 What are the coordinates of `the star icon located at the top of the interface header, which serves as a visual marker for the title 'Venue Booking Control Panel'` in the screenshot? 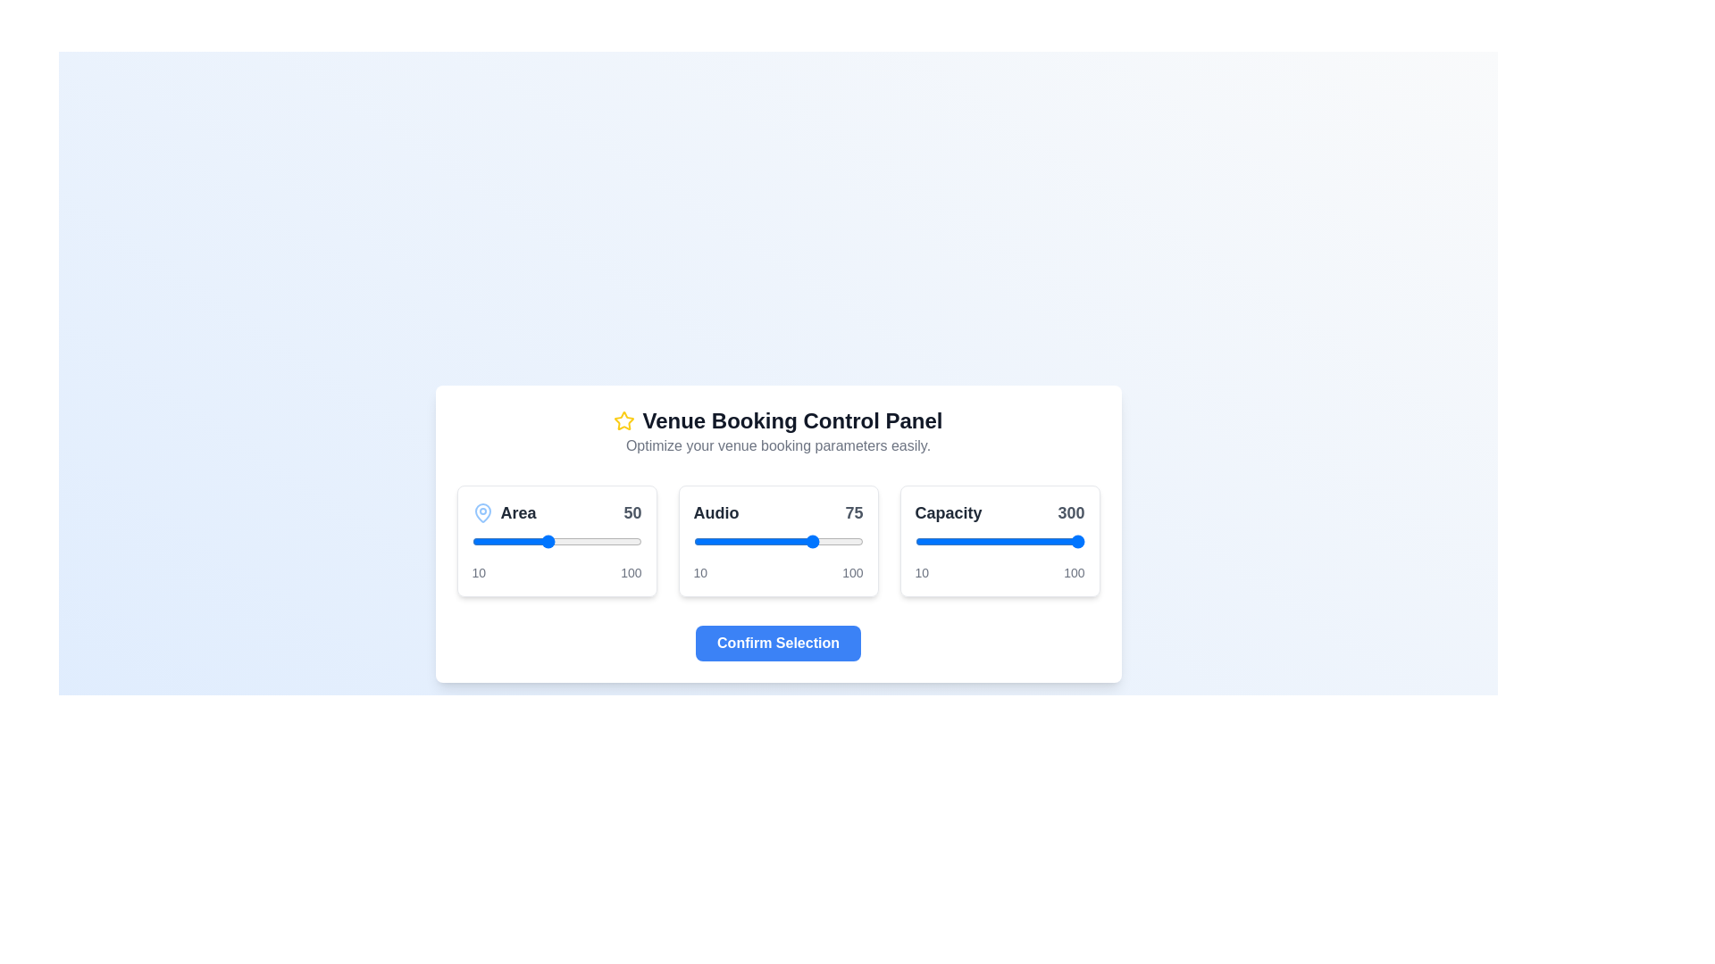 It's located at (624, 420).